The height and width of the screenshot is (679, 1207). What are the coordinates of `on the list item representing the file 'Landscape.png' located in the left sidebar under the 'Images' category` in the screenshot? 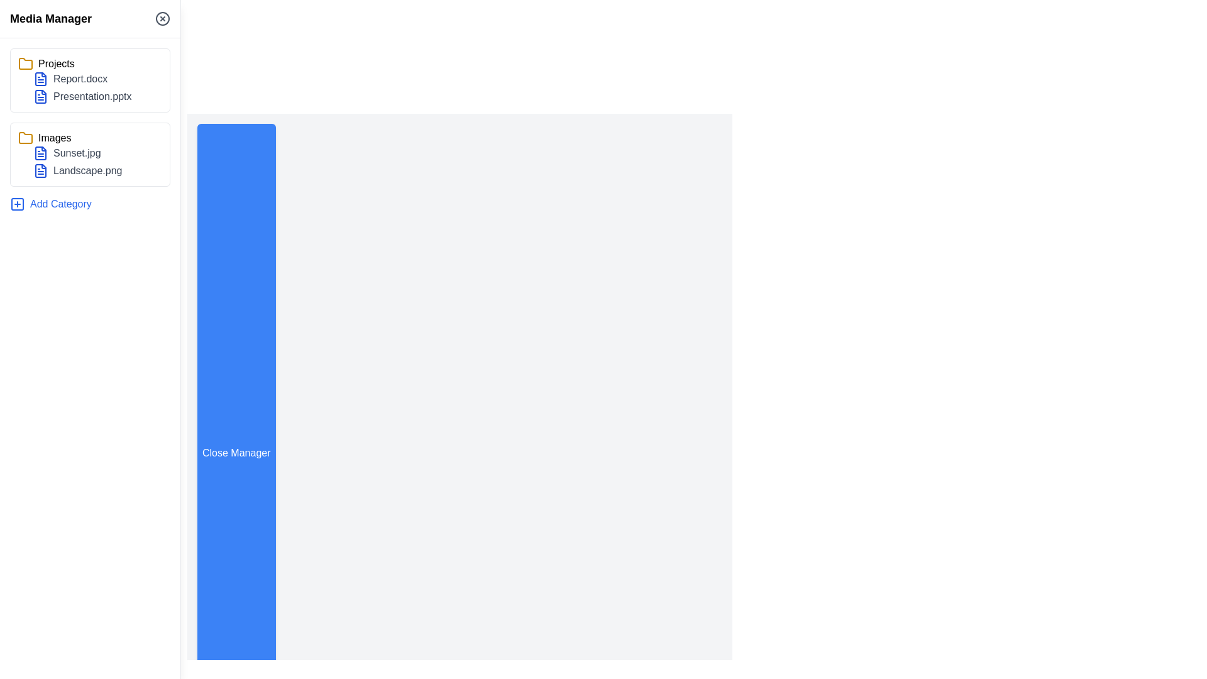 It's located at (97, 171).